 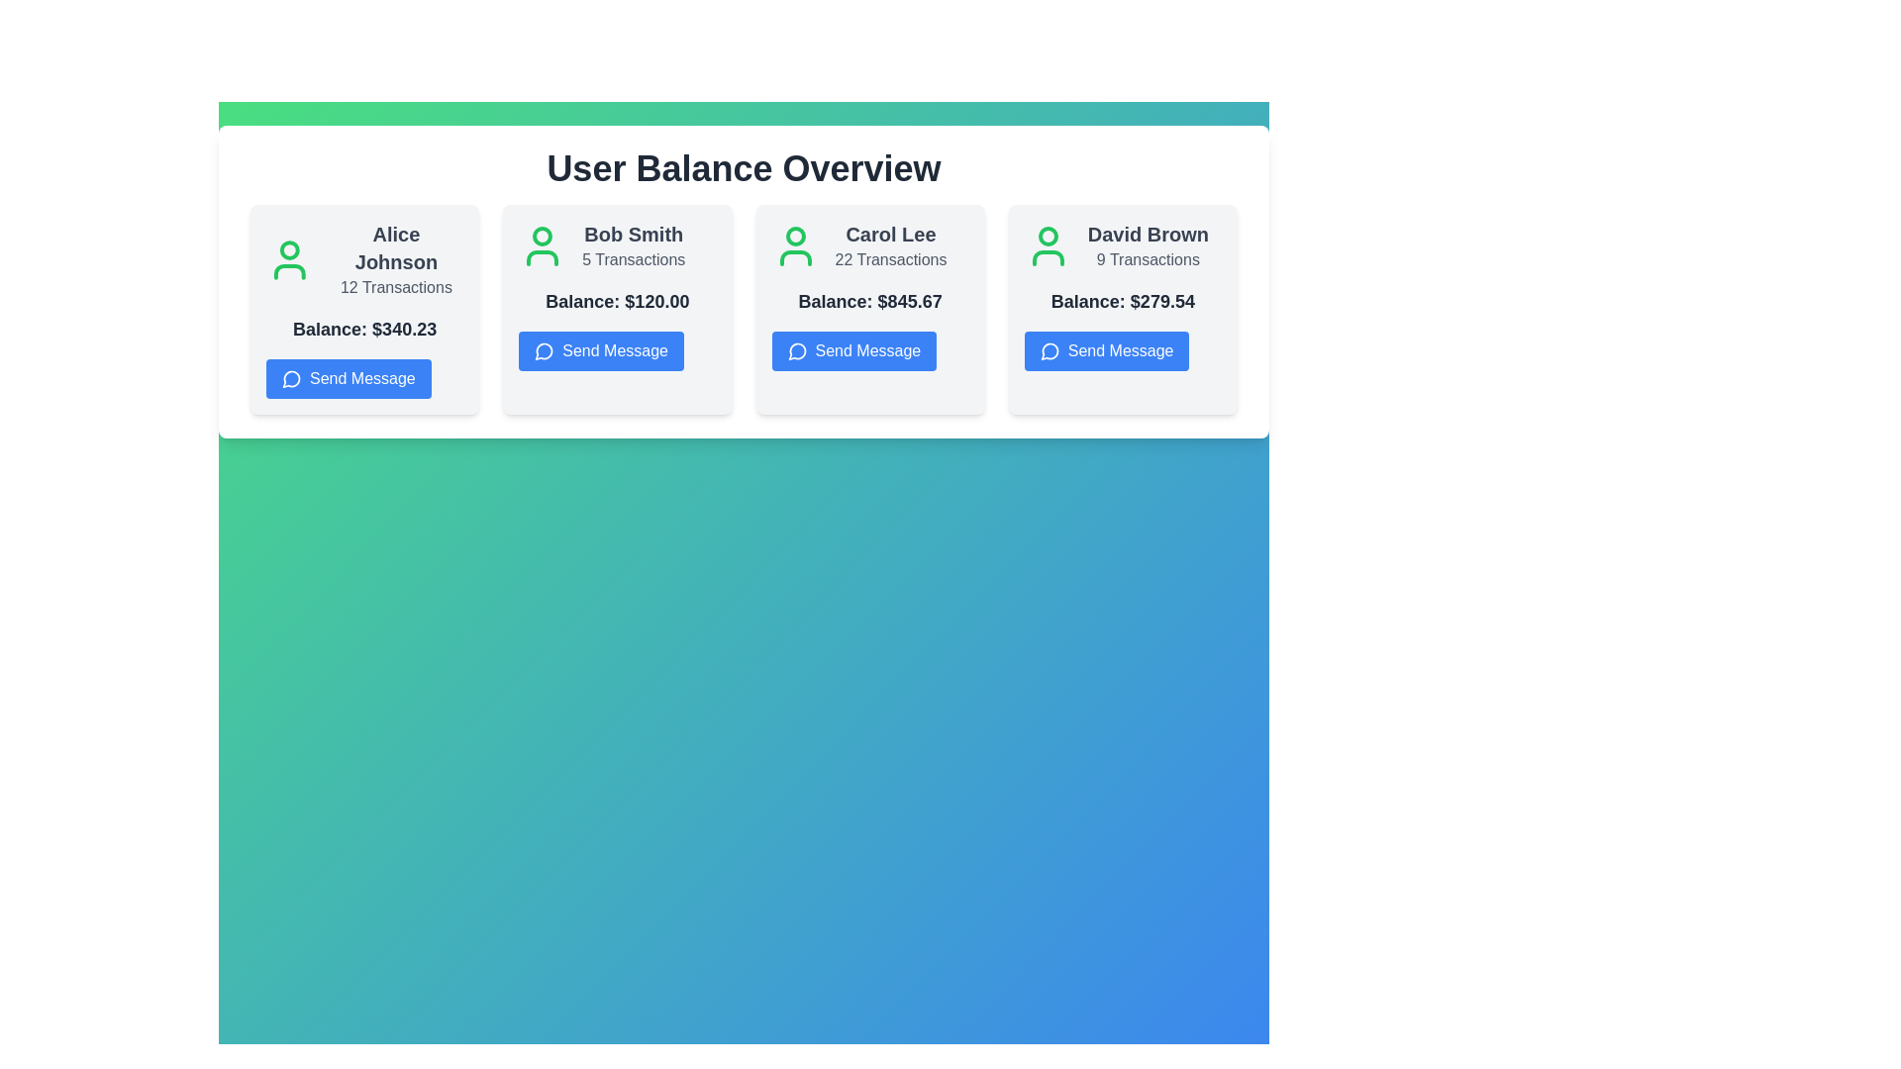 What do you see at coordinates (634, 245) in the screenshot?
I see `the text display component showing 'Bob Smith' and '5 Transactions', located in the second user information card from the left` at bounding box center [634, 245].